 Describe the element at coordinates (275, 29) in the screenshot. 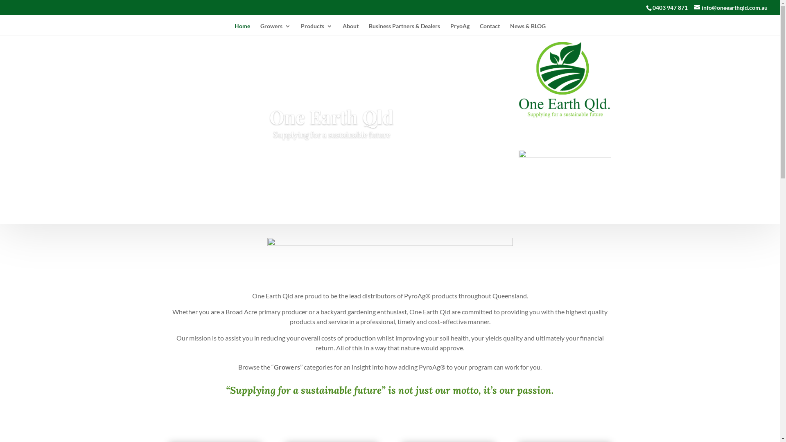

I see `'Growers'` at that location.